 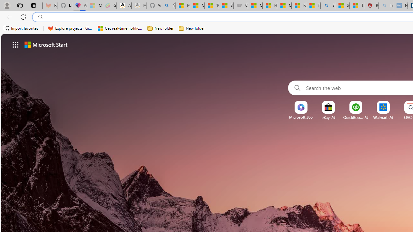 What do you see at coordinates (356, 5) in the screenshot?
I see `'12 Popular Science Lies that Must be Corrected'` at bounding box center [356, 5].